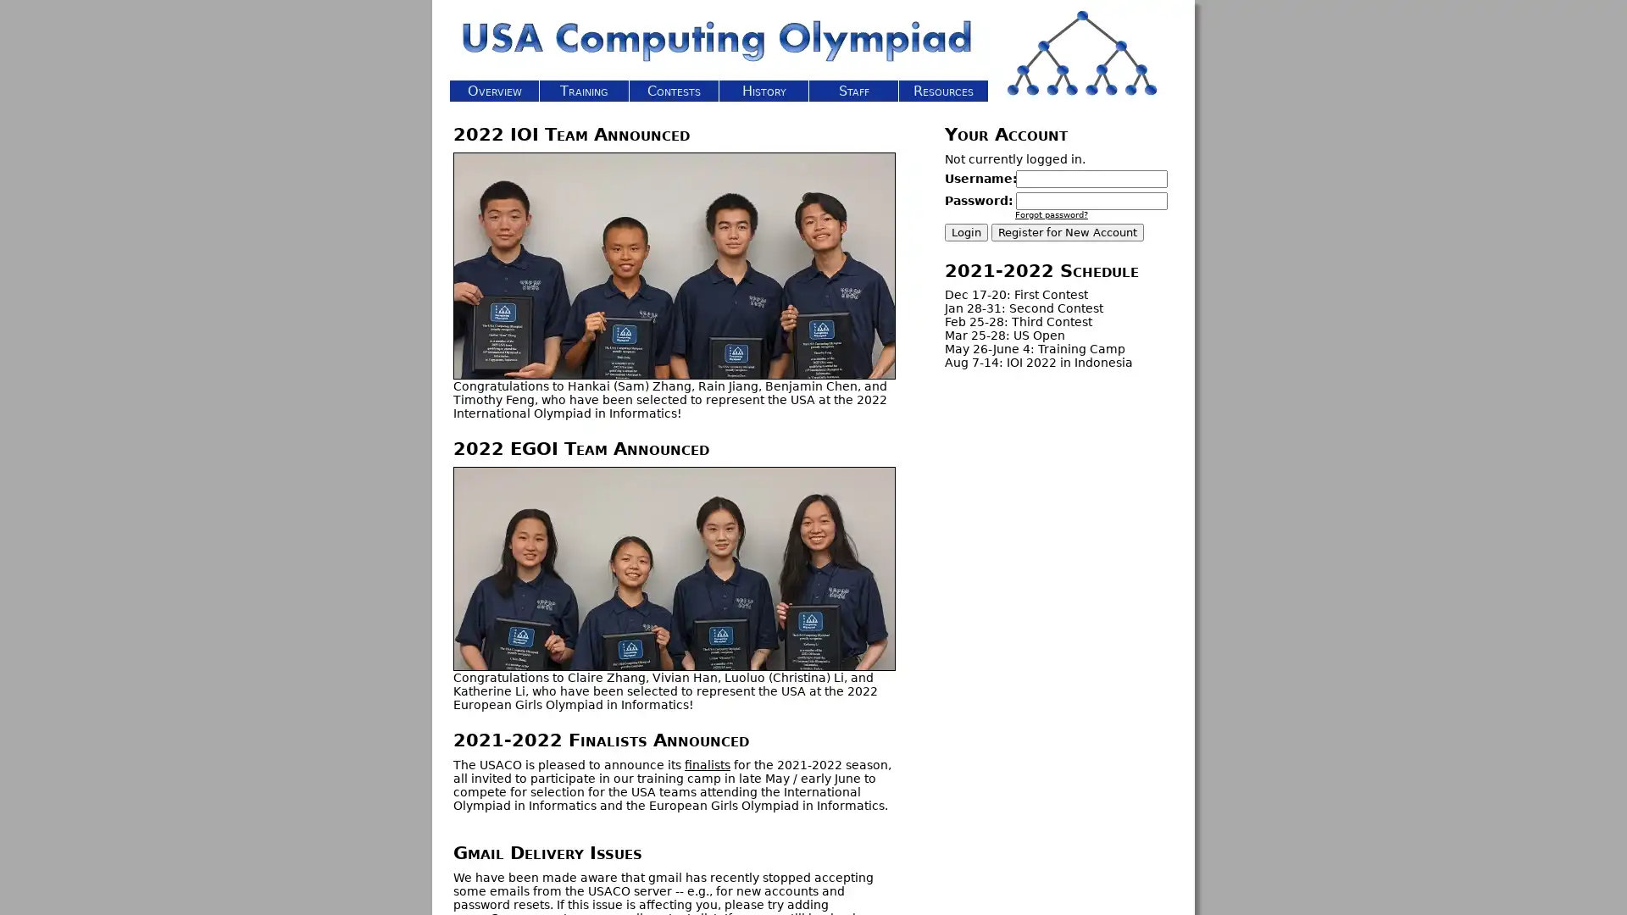 This screenshot has height=915, width=1627. What do you see at coordinates (966, 232) in the screenshot?
I see `Login` at bounding box center [966, 232].